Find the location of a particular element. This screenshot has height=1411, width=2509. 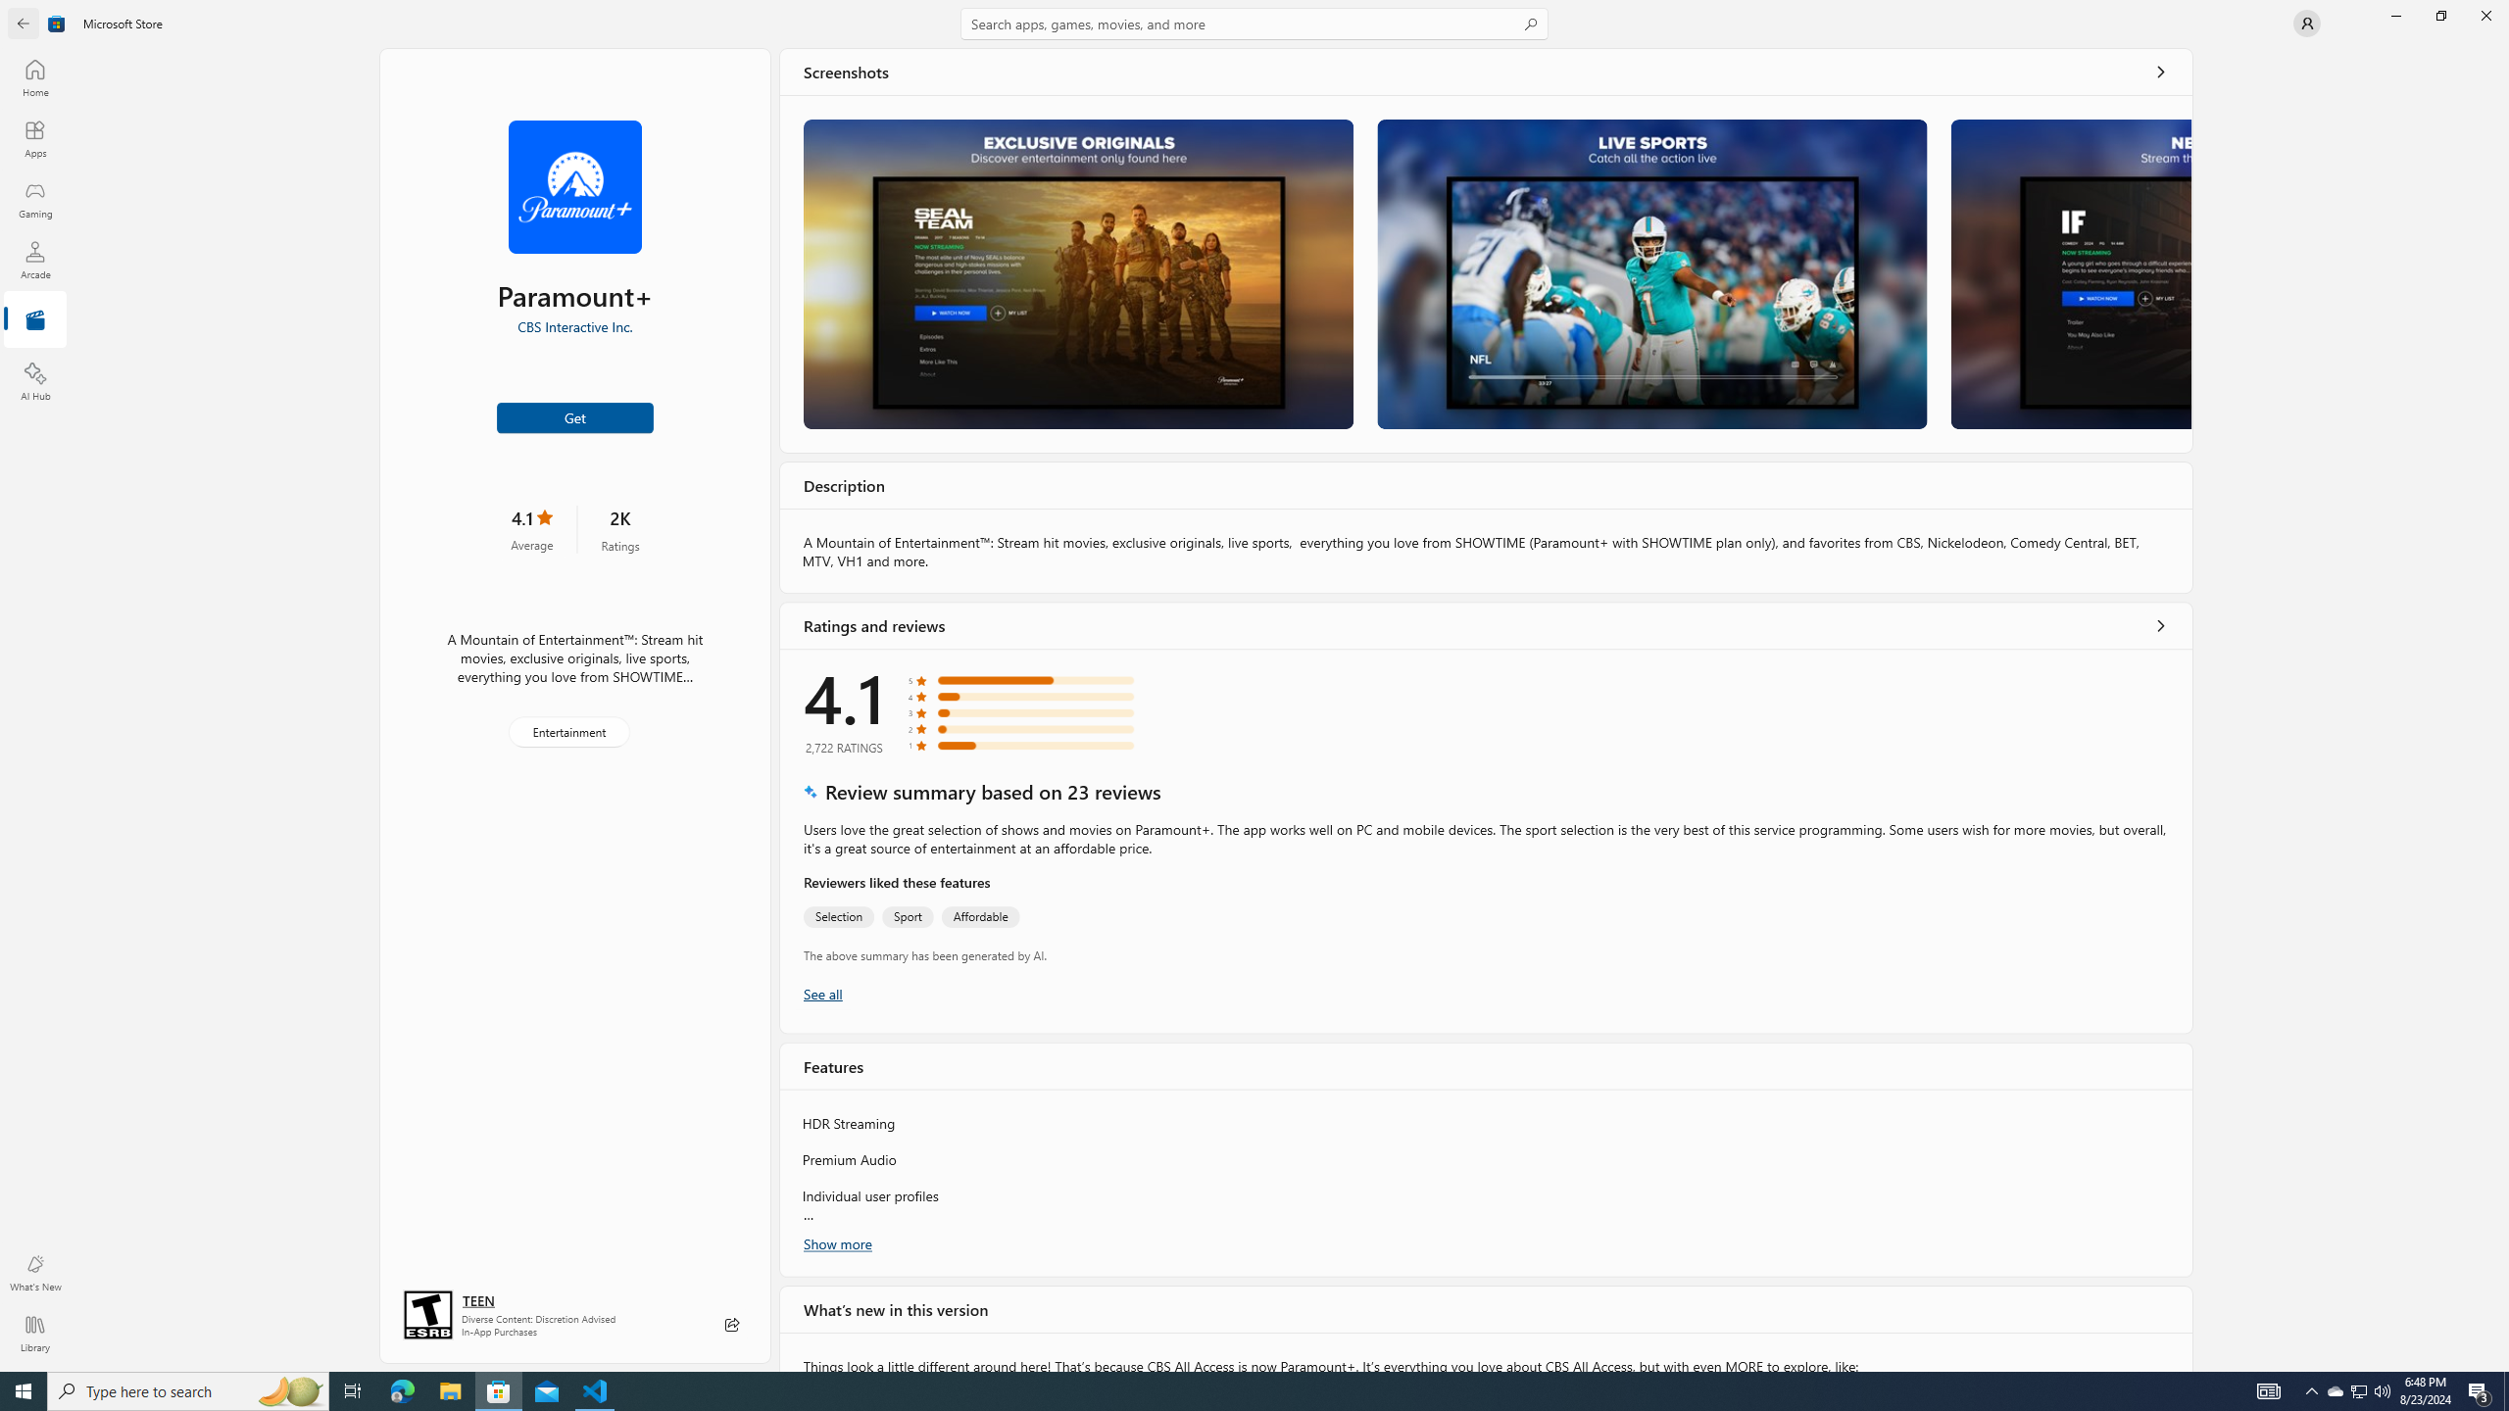

'Back' is located at coordinates (24, 22).